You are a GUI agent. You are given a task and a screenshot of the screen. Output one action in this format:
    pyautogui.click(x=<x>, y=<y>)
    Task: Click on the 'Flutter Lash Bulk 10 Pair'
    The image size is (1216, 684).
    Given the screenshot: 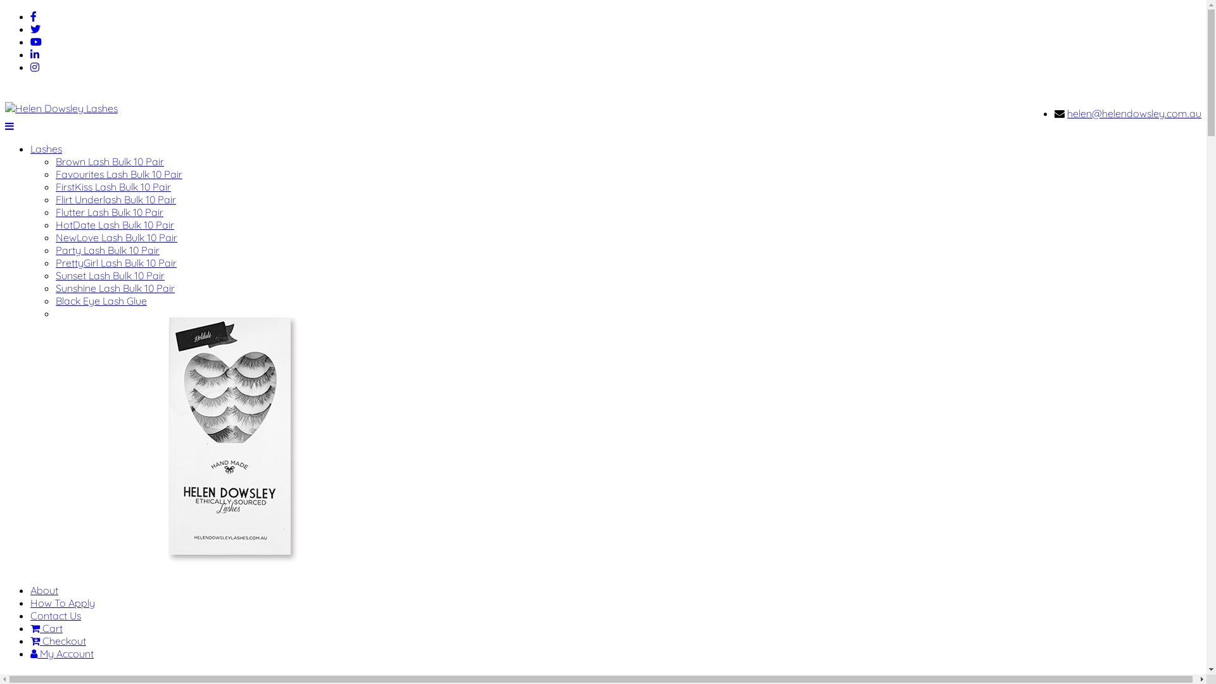 What is the action you would take?
    pyautogui.click(x=109, y=212)
    